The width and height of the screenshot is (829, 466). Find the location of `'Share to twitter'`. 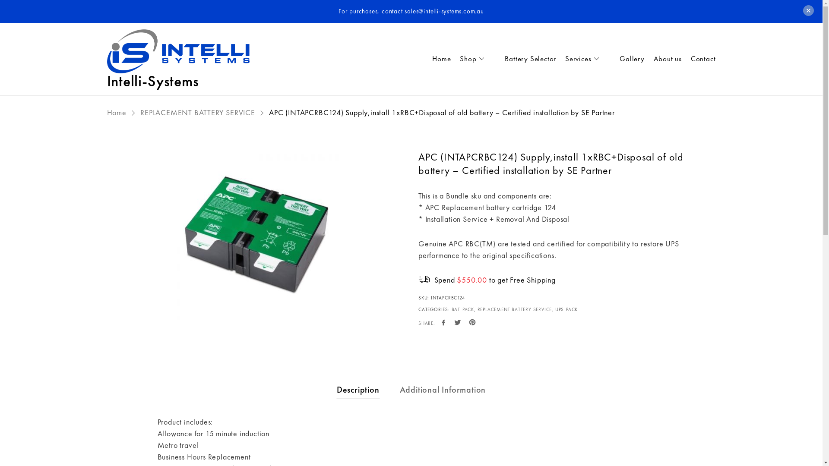

'Share to twitter' is located at coordinates (457, 323).